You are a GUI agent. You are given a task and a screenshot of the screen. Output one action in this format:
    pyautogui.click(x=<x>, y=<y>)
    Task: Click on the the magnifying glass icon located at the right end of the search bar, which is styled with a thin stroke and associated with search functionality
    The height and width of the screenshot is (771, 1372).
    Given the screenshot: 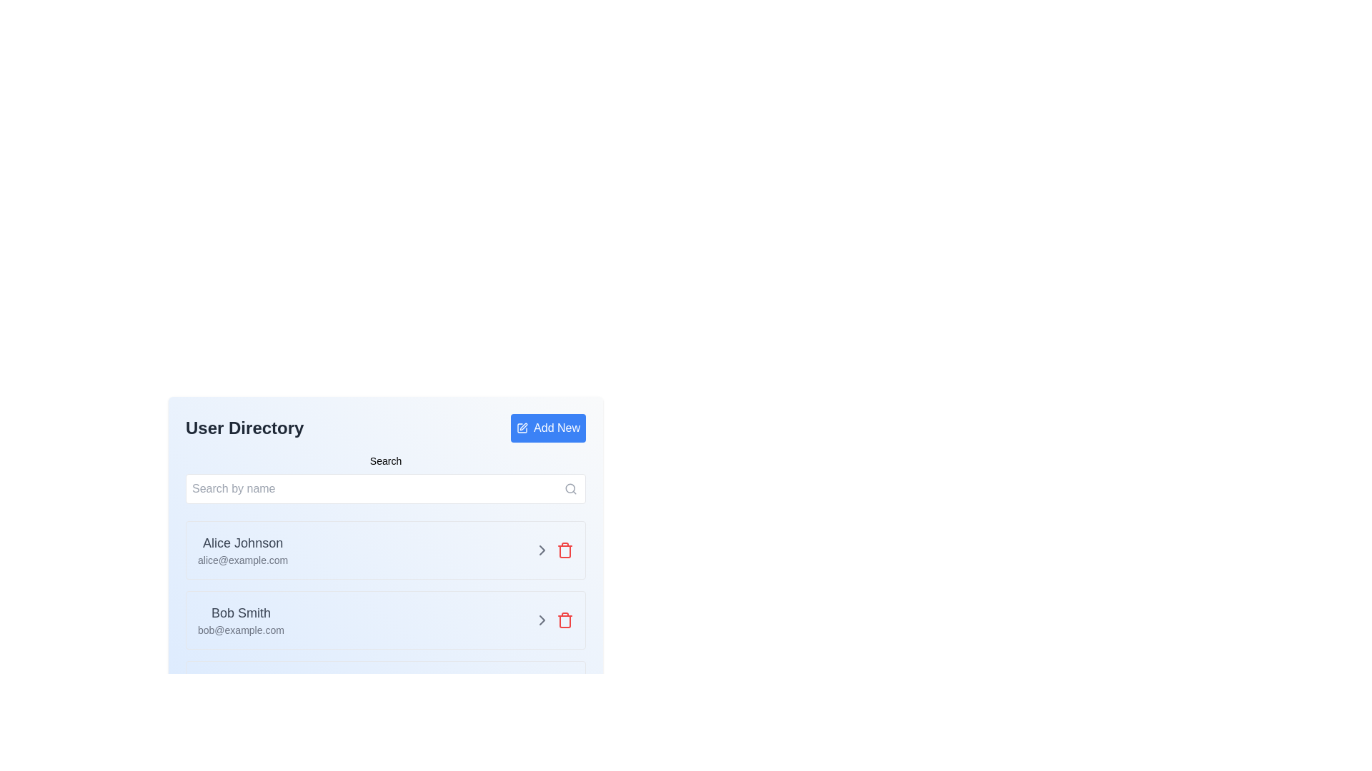 What is the action you would take?
    pyautogui.click(x=570, y=488)
    